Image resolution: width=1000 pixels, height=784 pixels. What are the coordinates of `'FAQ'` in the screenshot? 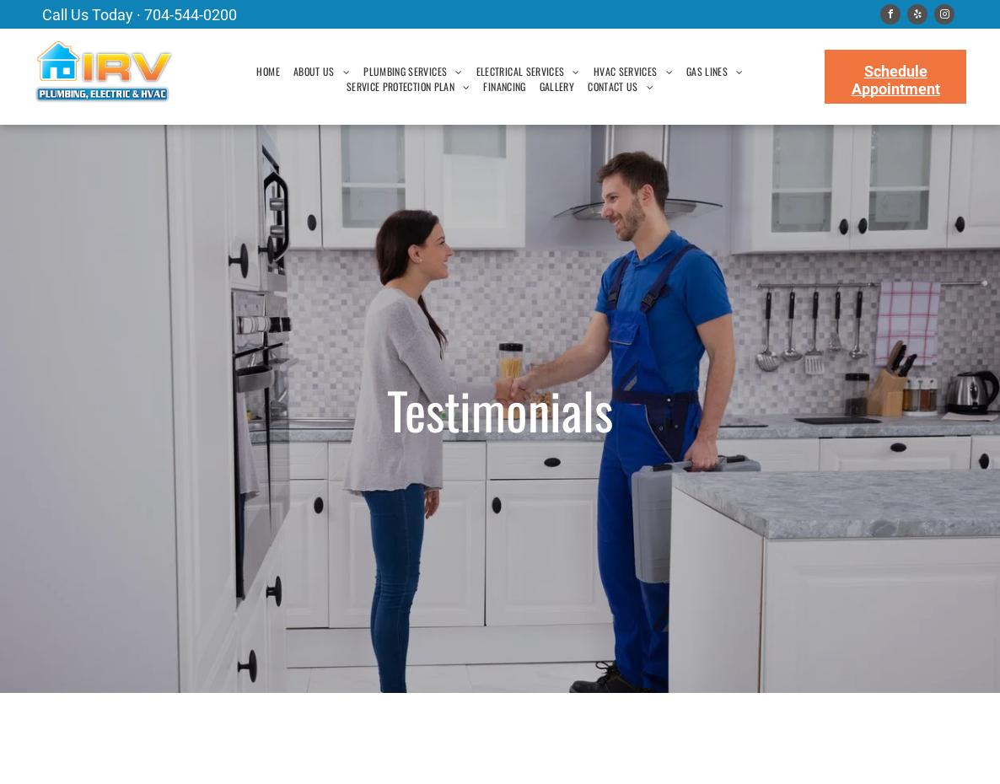 It's located at (585, 147).